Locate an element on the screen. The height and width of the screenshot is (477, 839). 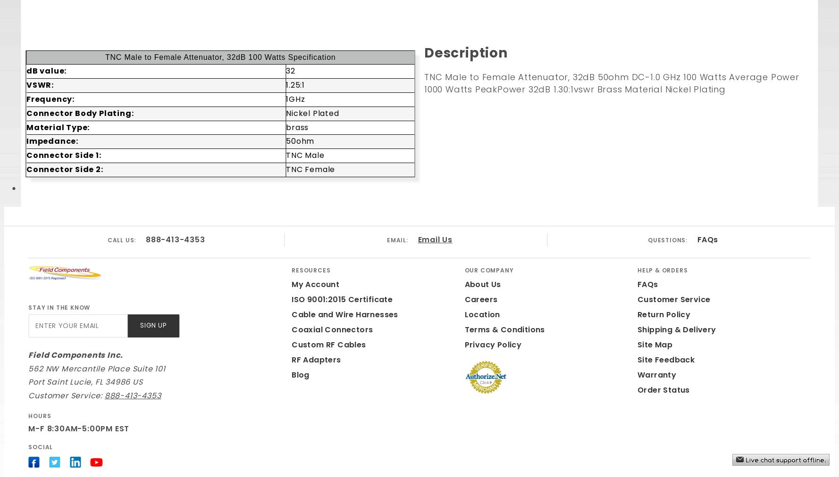
'Coaxial Connectors' is located at coordinates (332, 329).